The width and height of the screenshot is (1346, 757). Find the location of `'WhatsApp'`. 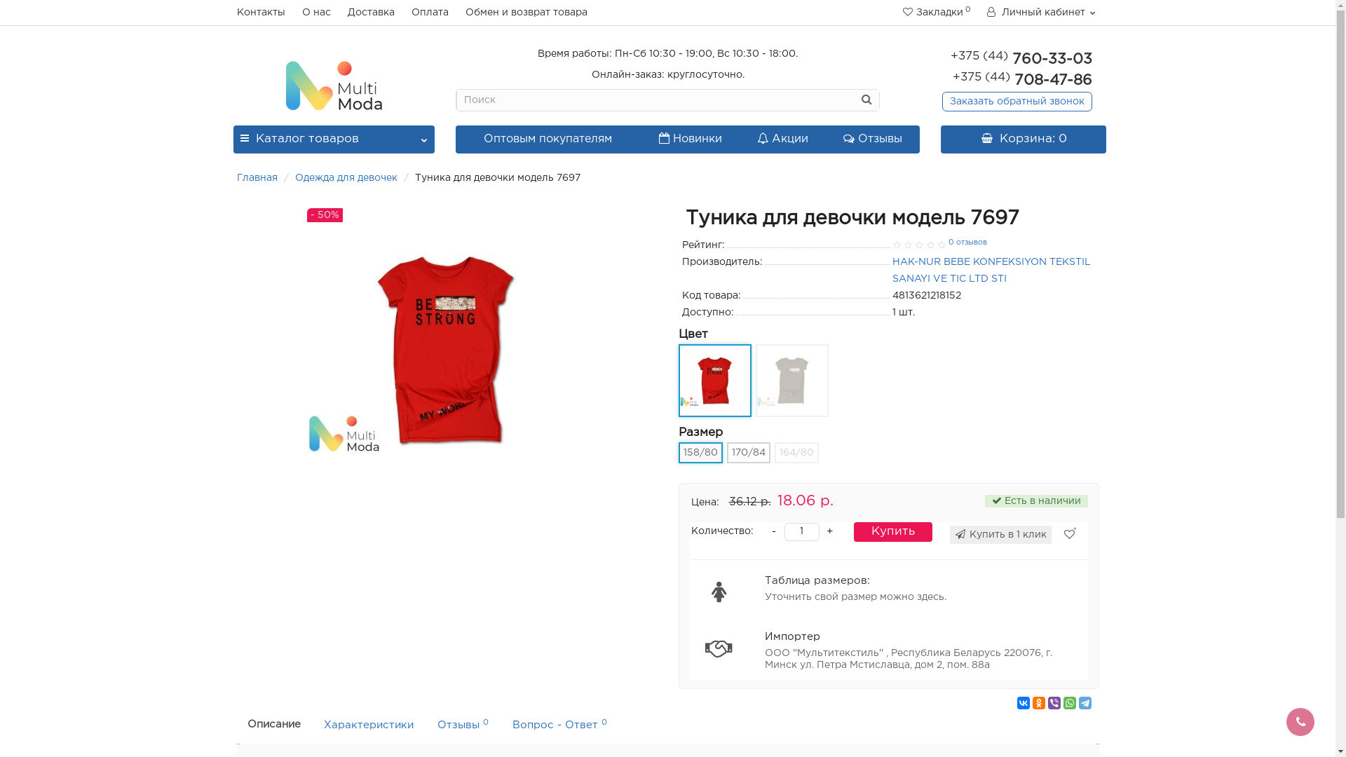

'WhatsApp' is located at coordinates (1068, 702).